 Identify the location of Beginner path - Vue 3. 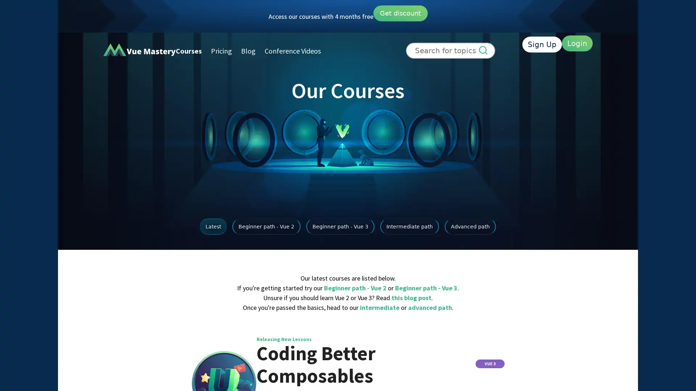
(339, 226).